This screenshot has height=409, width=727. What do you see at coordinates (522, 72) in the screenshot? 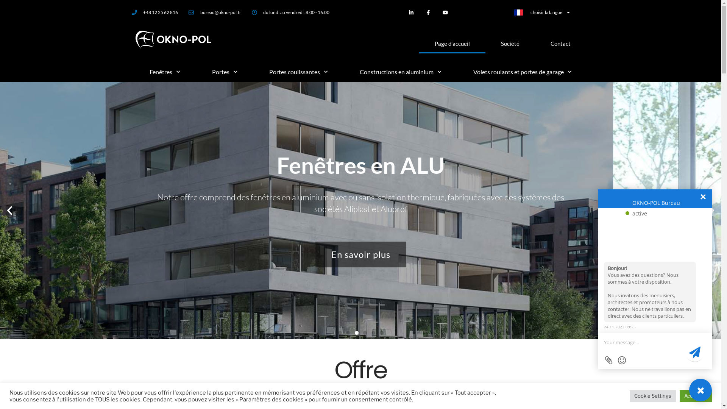
I see `'Volets roulants et portes de garage'` at bounding box center [522, 72].